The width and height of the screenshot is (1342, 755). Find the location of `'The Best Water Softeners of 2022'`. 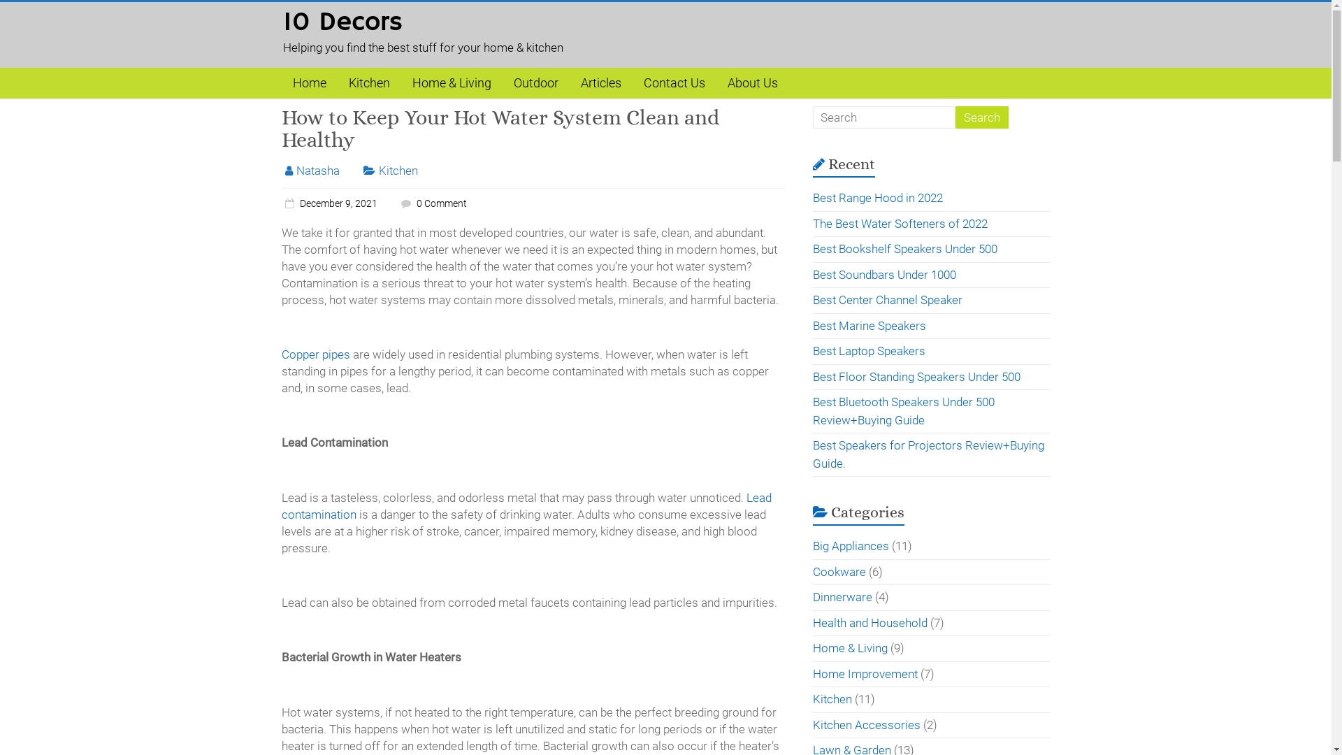

'The Best Water Softeners of 2022' is located at coordinates (900, 223).